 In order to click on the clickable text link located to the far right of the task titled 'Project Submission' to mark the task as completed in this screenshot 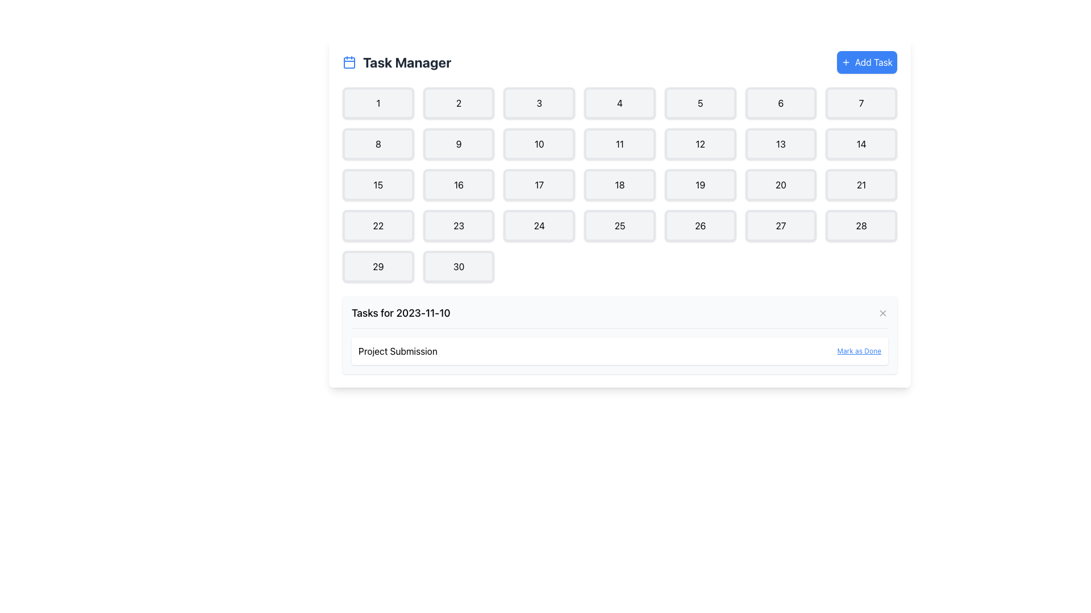, I will do `click(859, 350)`.